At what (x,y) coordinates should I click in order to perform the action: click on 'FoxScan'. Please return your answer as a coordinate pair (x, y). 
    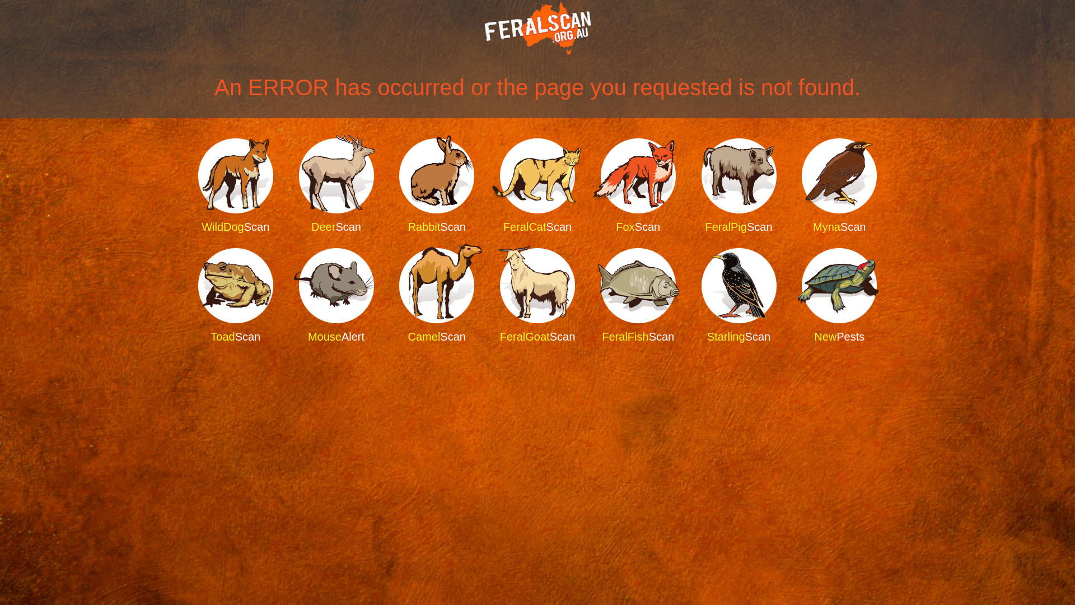
    Looking at the image, I should click on (588, 185).